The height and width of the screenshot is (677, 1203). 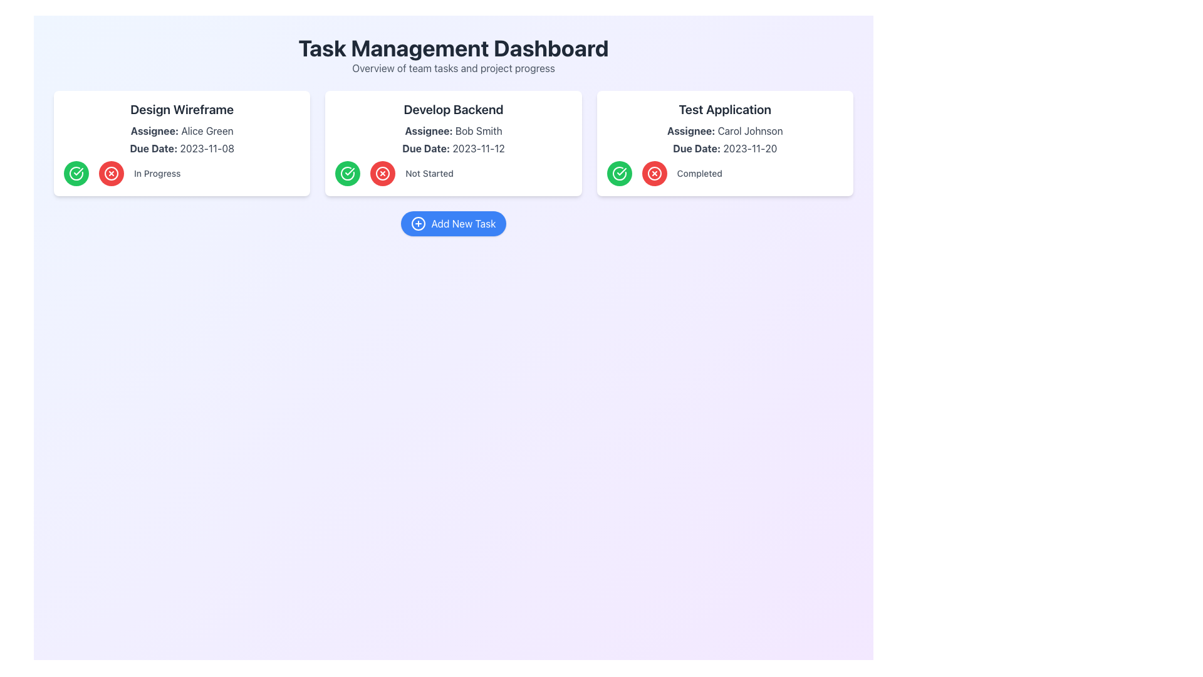 I want to click on the text label element displaying 'In Progress', which is located between a green check button and a red cross button at the bottom section of the task card titled 'Design Wireframe', so click(x=181, y=174).